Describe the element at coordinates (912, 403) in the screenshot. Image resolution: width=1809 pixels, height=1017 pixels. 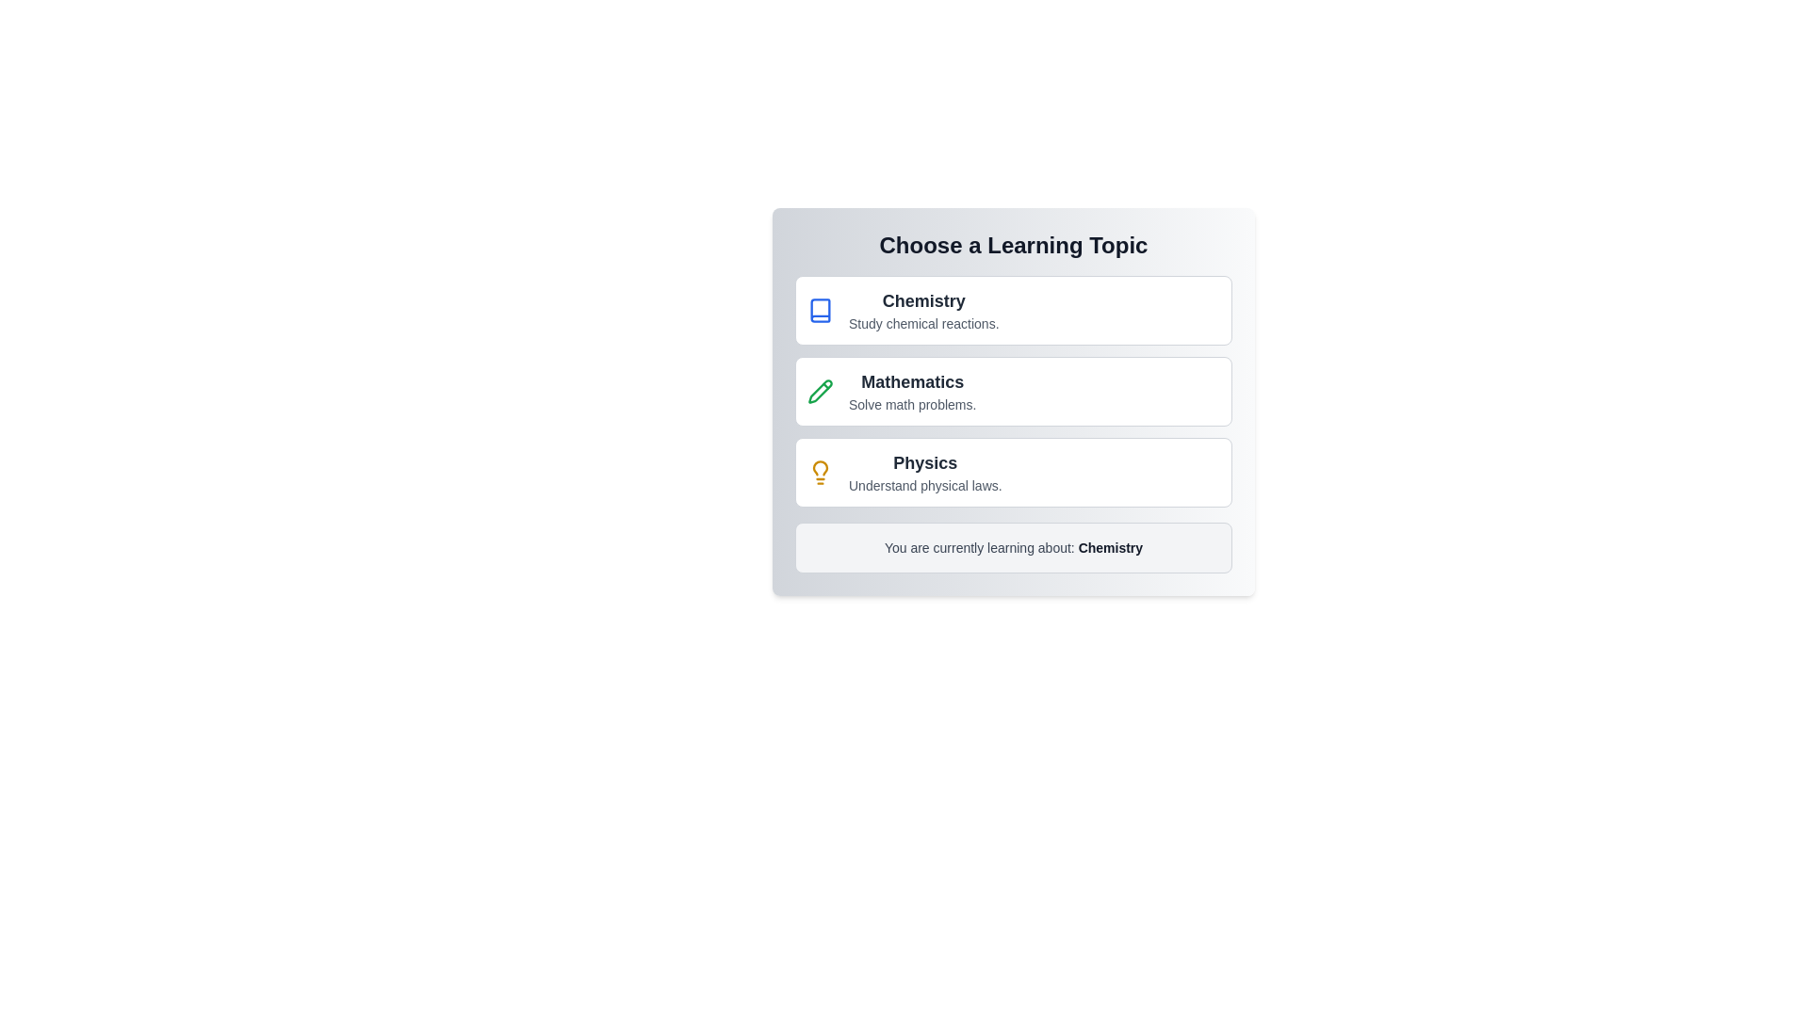
I see `descriptive text label for the 'Mathematics' category located within the second selectable card in the 'Choose a Learning Topic' section` at that location.